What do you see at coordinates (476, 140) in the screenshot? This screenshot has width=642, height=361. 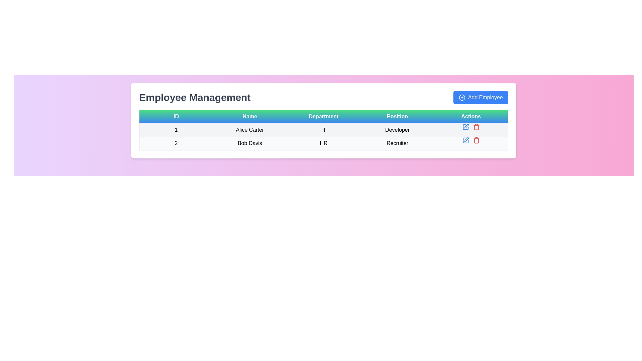 I see `the trash can icon located in the 'Actions' column, second row of the table aligned with 'Bob Davis'` at bounding box center [476, 140].